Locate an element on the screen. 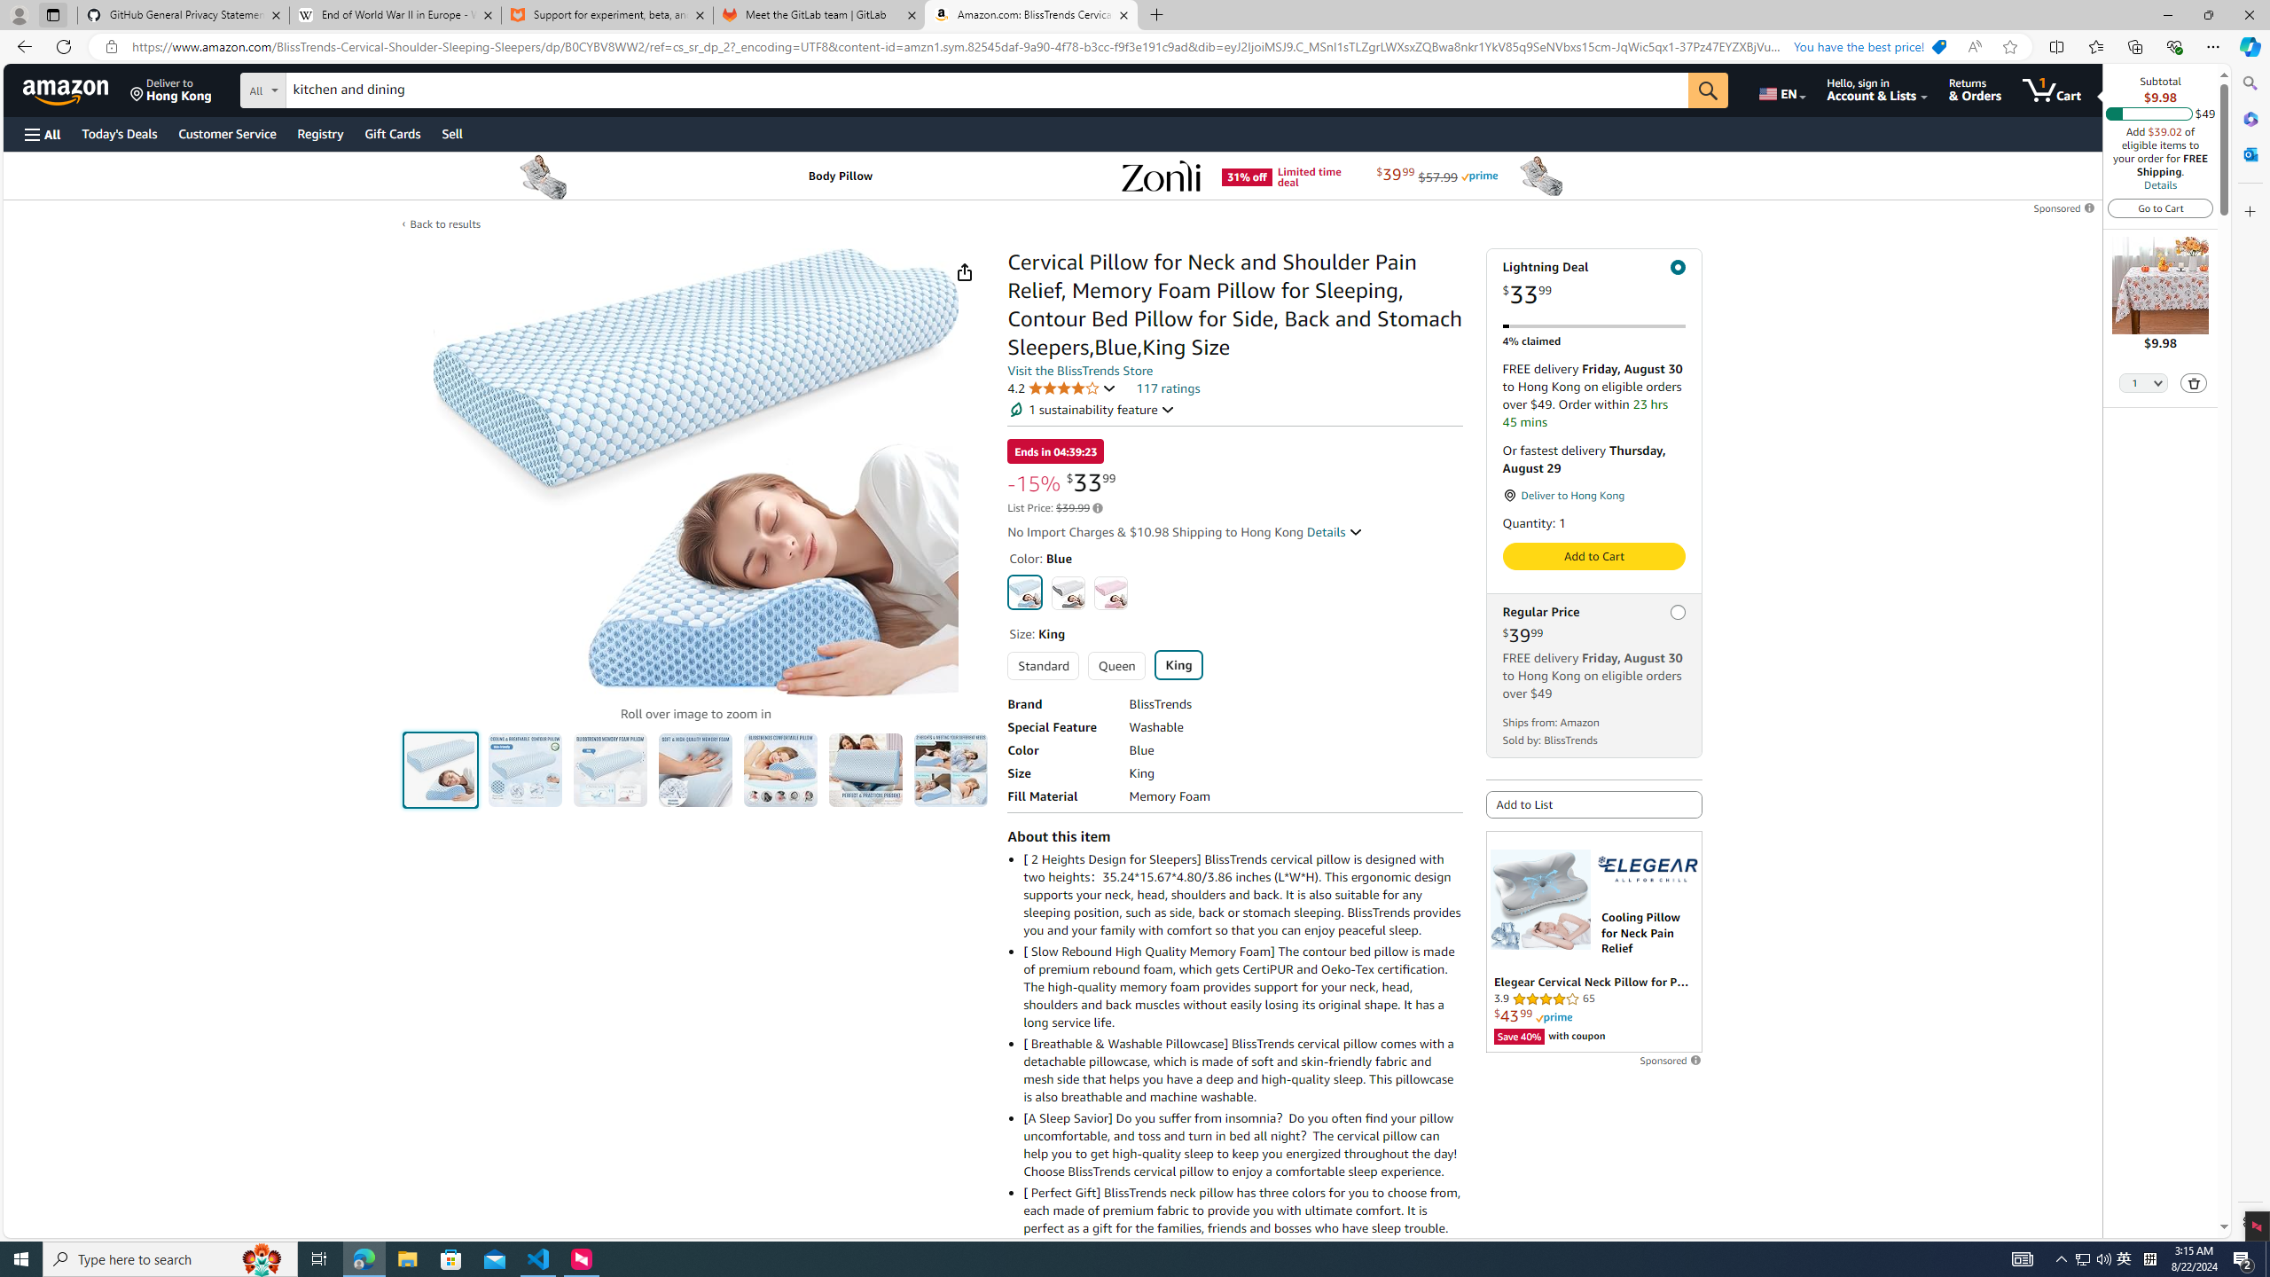 Image resolution: width=2270 pixels, height=1277 pixels. 'Lightning Deal $33.99' is located at coordinates (1593, 283).